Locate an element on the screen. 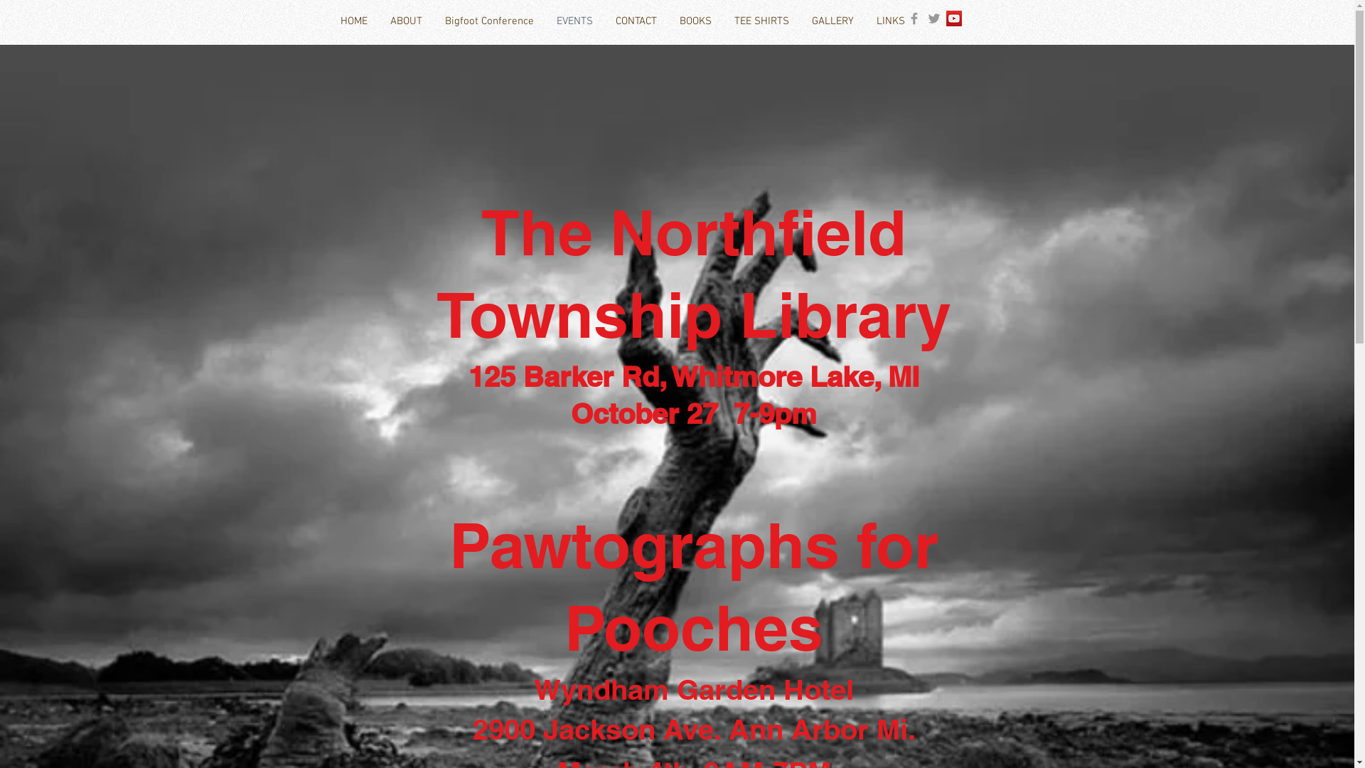 The width and height of the screenshot is (1365, 768). 'BOOKS' is located at coordinates (695, 21).